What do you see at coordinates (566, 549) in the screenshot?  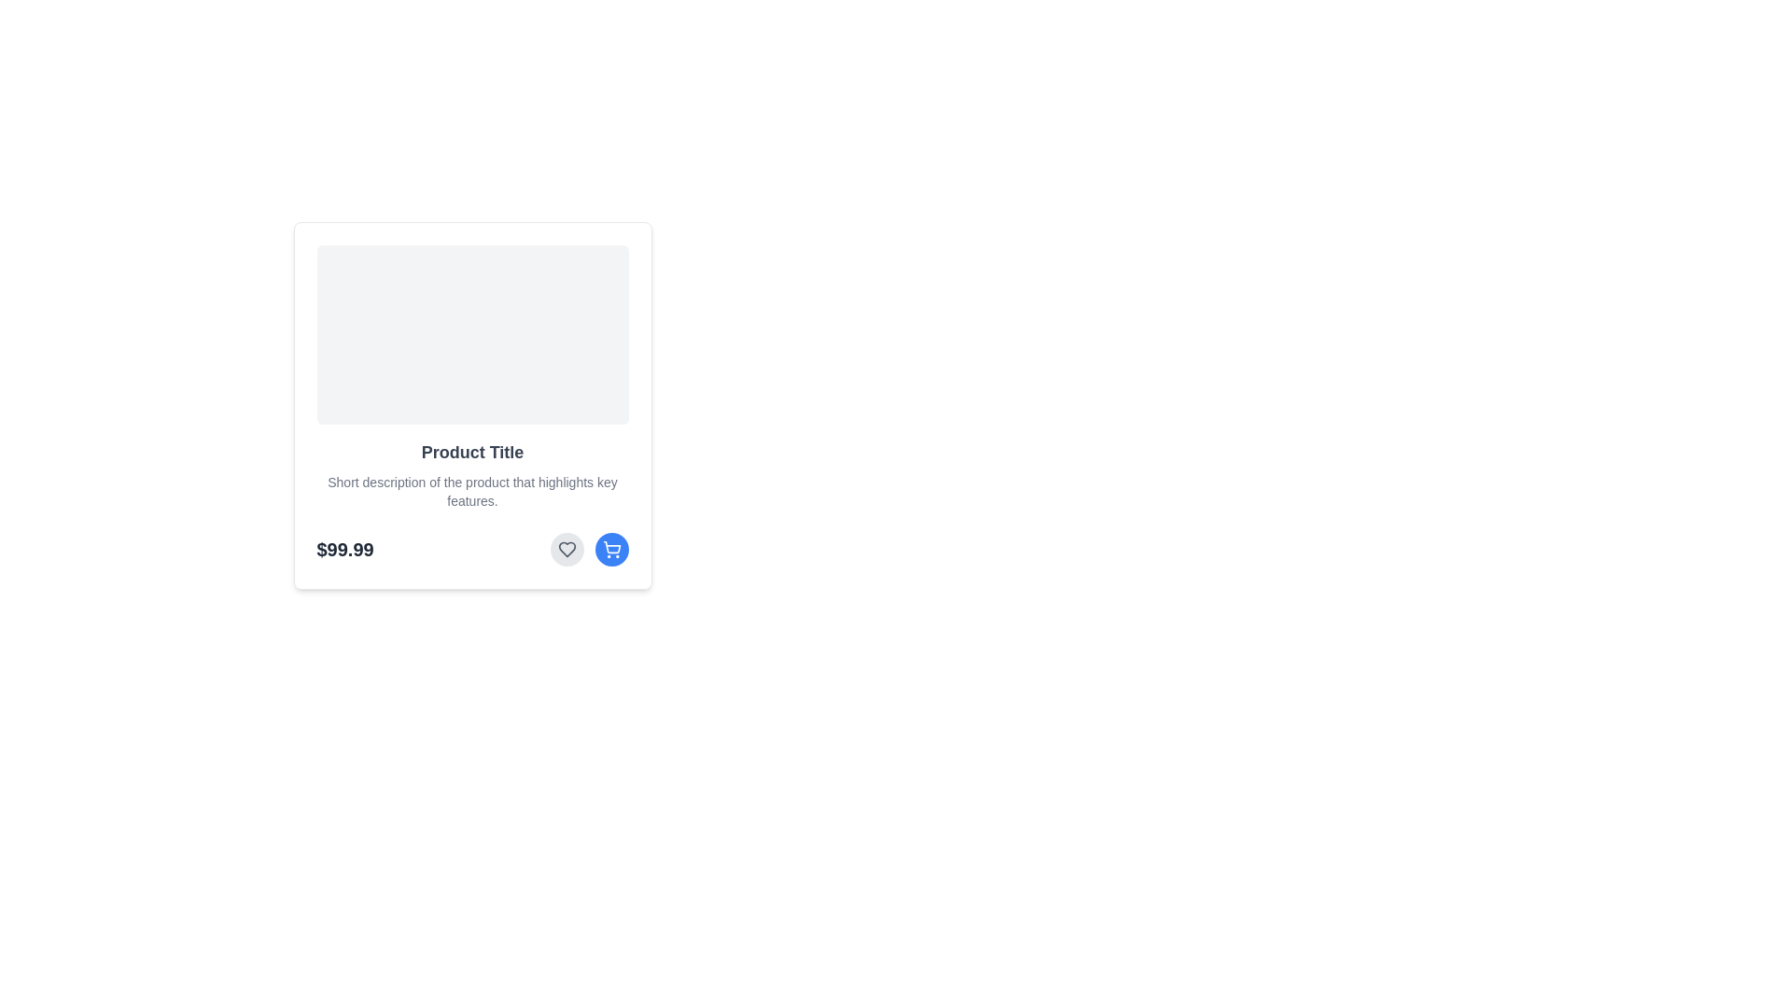 I see `the heart-shaped icon located in the bottom section of the product card to favorite or unfavorite the product` at bounding box center [566, 549].